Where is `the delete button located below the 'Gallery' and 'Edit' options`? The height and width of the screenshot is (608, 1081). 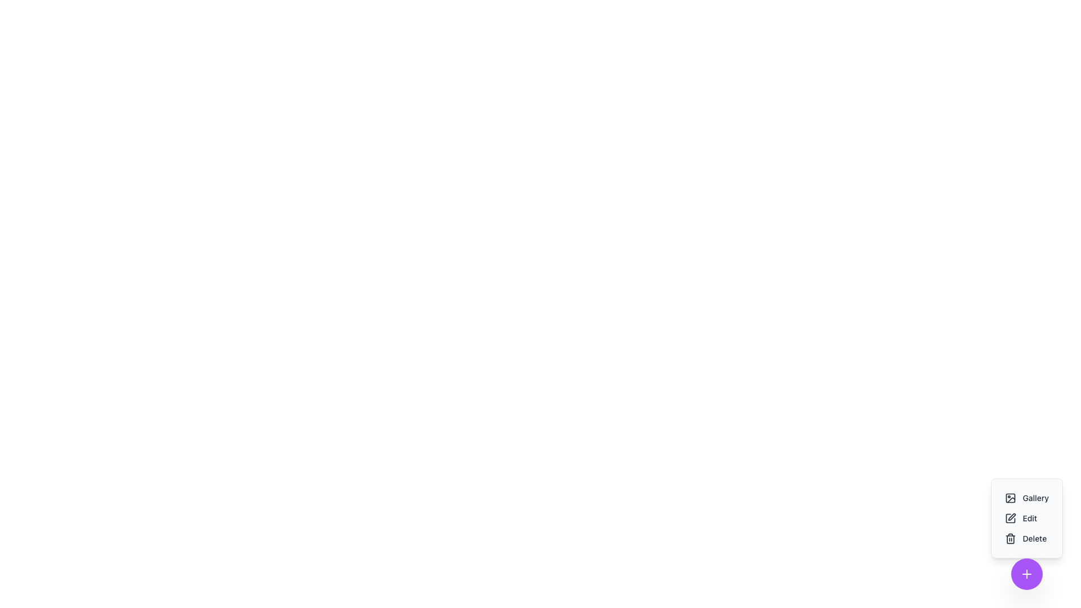 the delete button located below the 'Gallery' and 'Edit' options is located at coordinates (1025, 538).